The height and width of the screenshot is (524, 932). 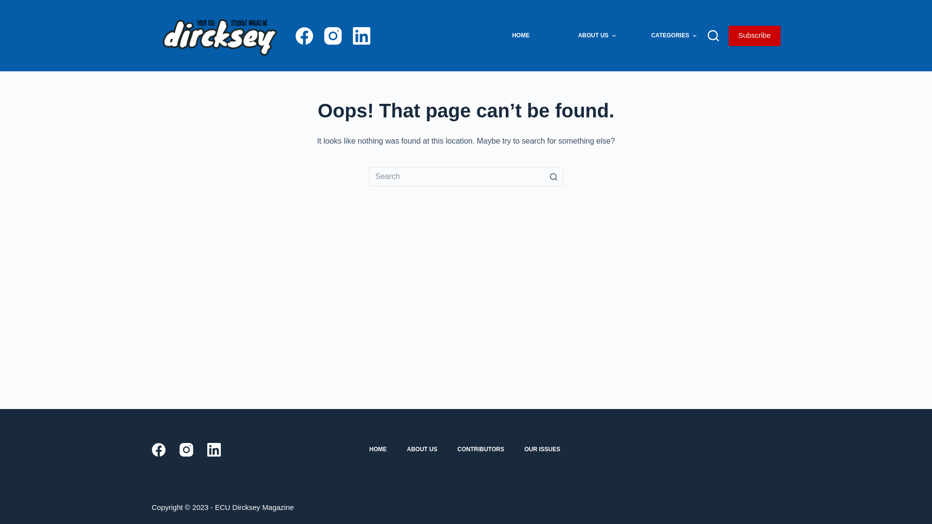 I want to click on 'Subscribe', so click(x=754, y=35).